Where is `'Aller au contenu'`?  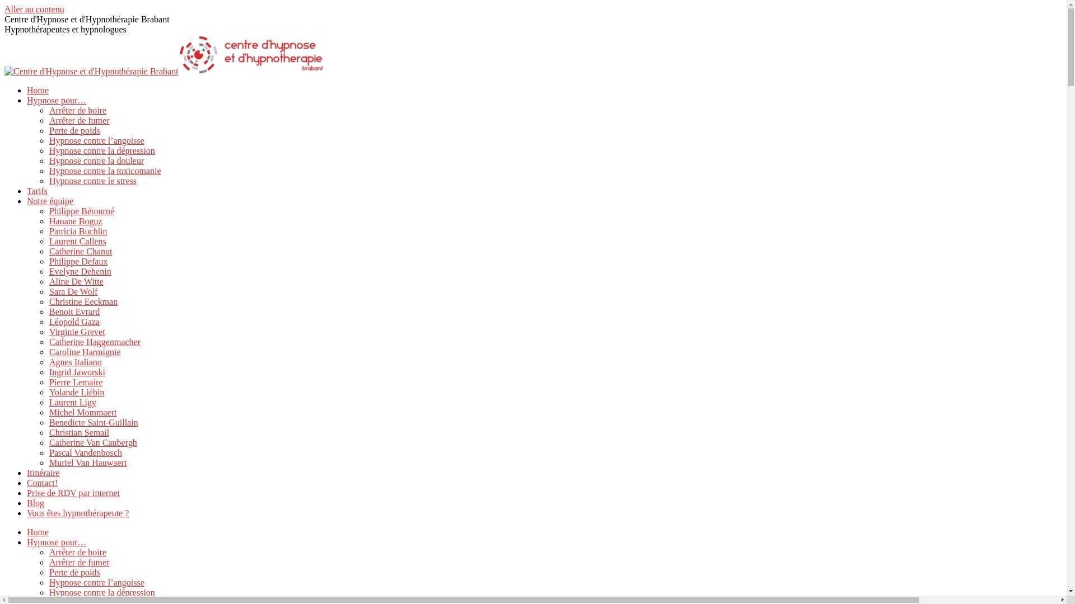 'Aller au contenu' is located at coordinates (34, 9).